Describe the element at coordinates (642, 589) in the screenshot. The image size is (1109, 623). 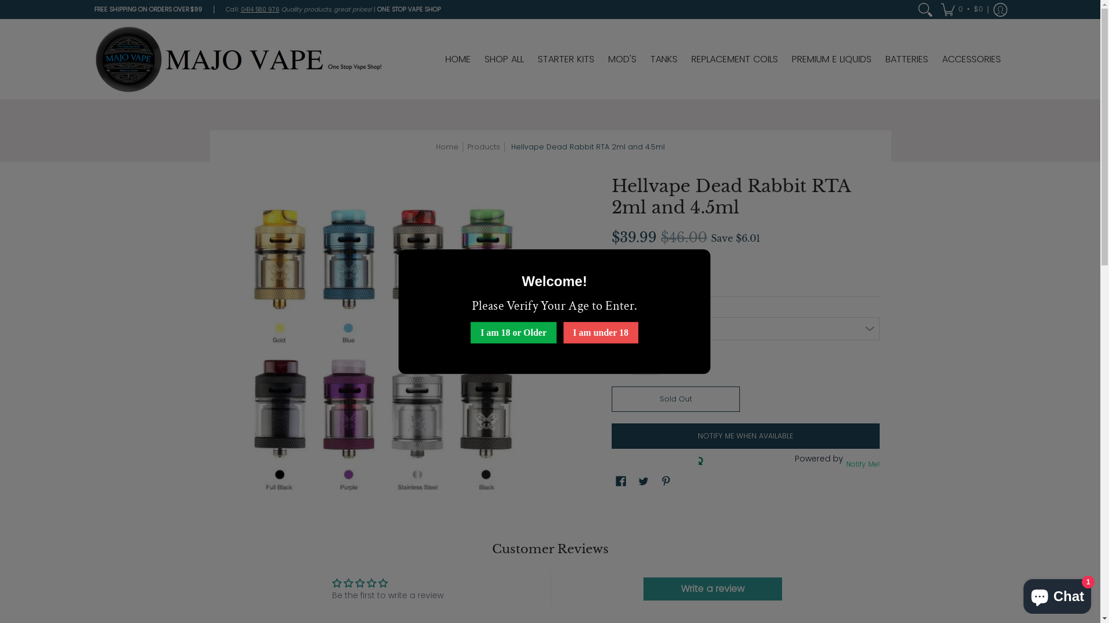
I see `'Write a review'` at that location.